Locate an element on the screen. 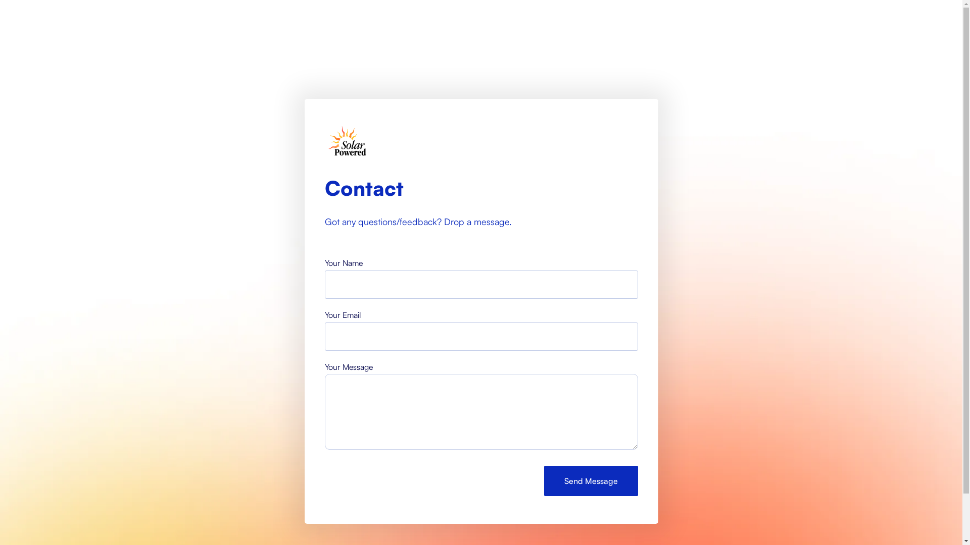 This screenshot has width=970, height=545. 'Send Message' is located at coordinates (591, 480).